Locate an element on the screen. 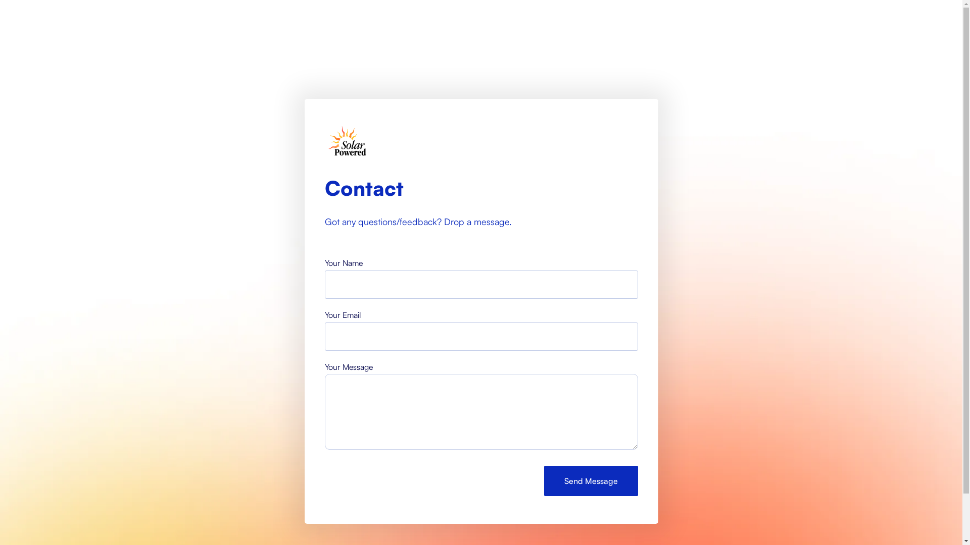 This screenshot has width=970, height=545. 'Send Message' is located at coordinates (591, 480).